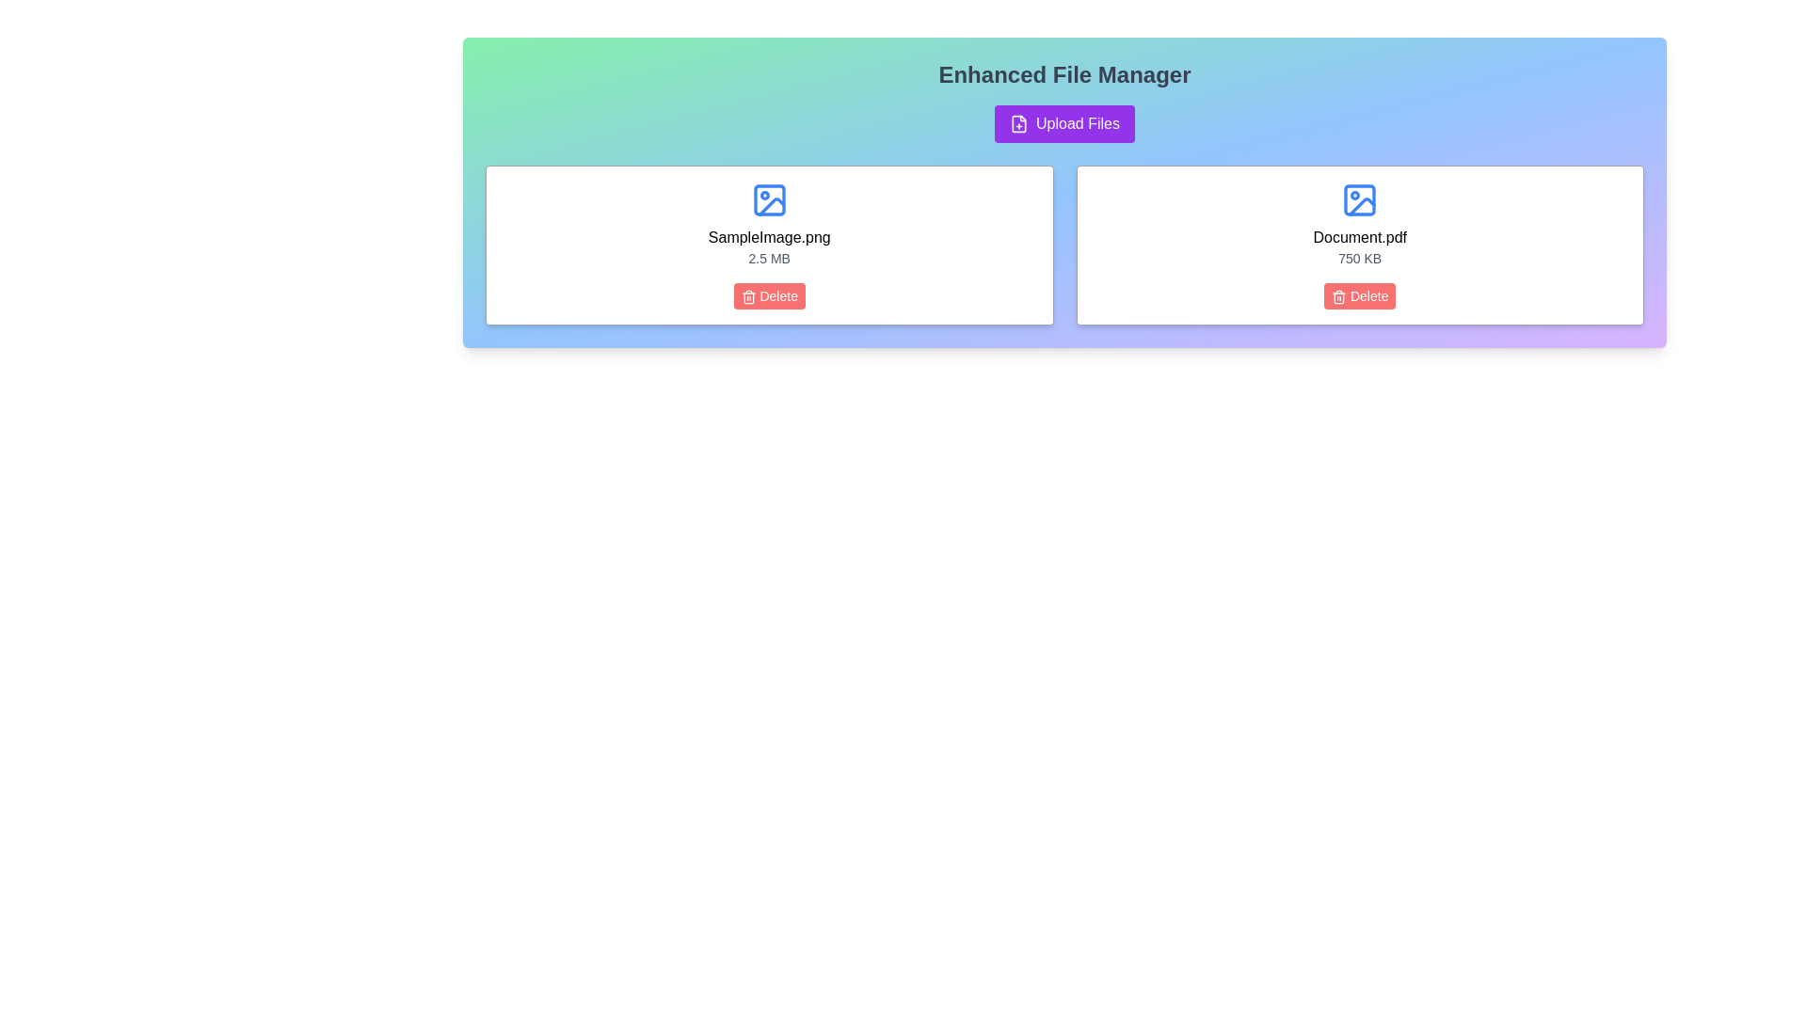 The height and width of the screenshot is (1016, 1807). What do you see at coordinates (747, 297) in the screenshot?
I see `the trash can icon component within the red 'Delete' button` at bounding box center [747, 297].